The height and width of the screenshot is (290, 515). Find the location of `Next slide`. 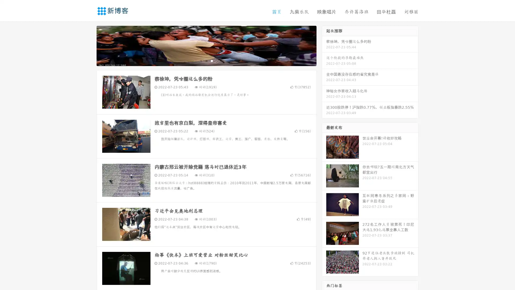

Next slide is located at coordinates (324, 45).